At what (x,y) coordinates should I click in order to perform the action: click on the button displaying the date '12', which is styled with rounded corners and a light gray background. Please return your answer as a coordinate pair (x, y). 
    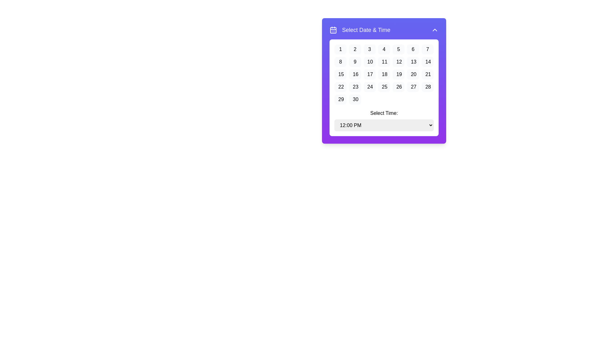
    Looking at the image, I should click on (398, 62).